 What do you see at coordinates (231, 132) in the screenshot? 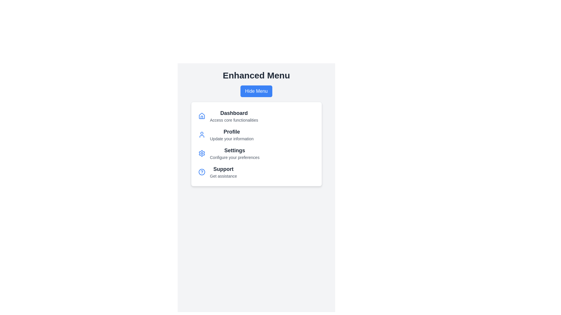
I see `the menu item labeled Profile to activate its corresponding action` at bounding box center [231, 132].